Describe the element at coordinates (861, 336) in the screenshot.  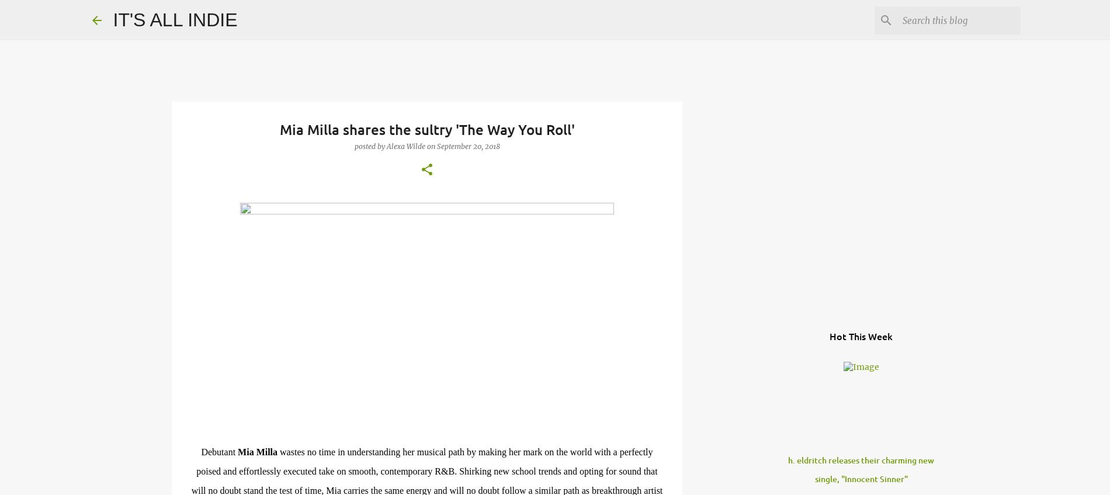
I see `'Hot This Week'` at that location.